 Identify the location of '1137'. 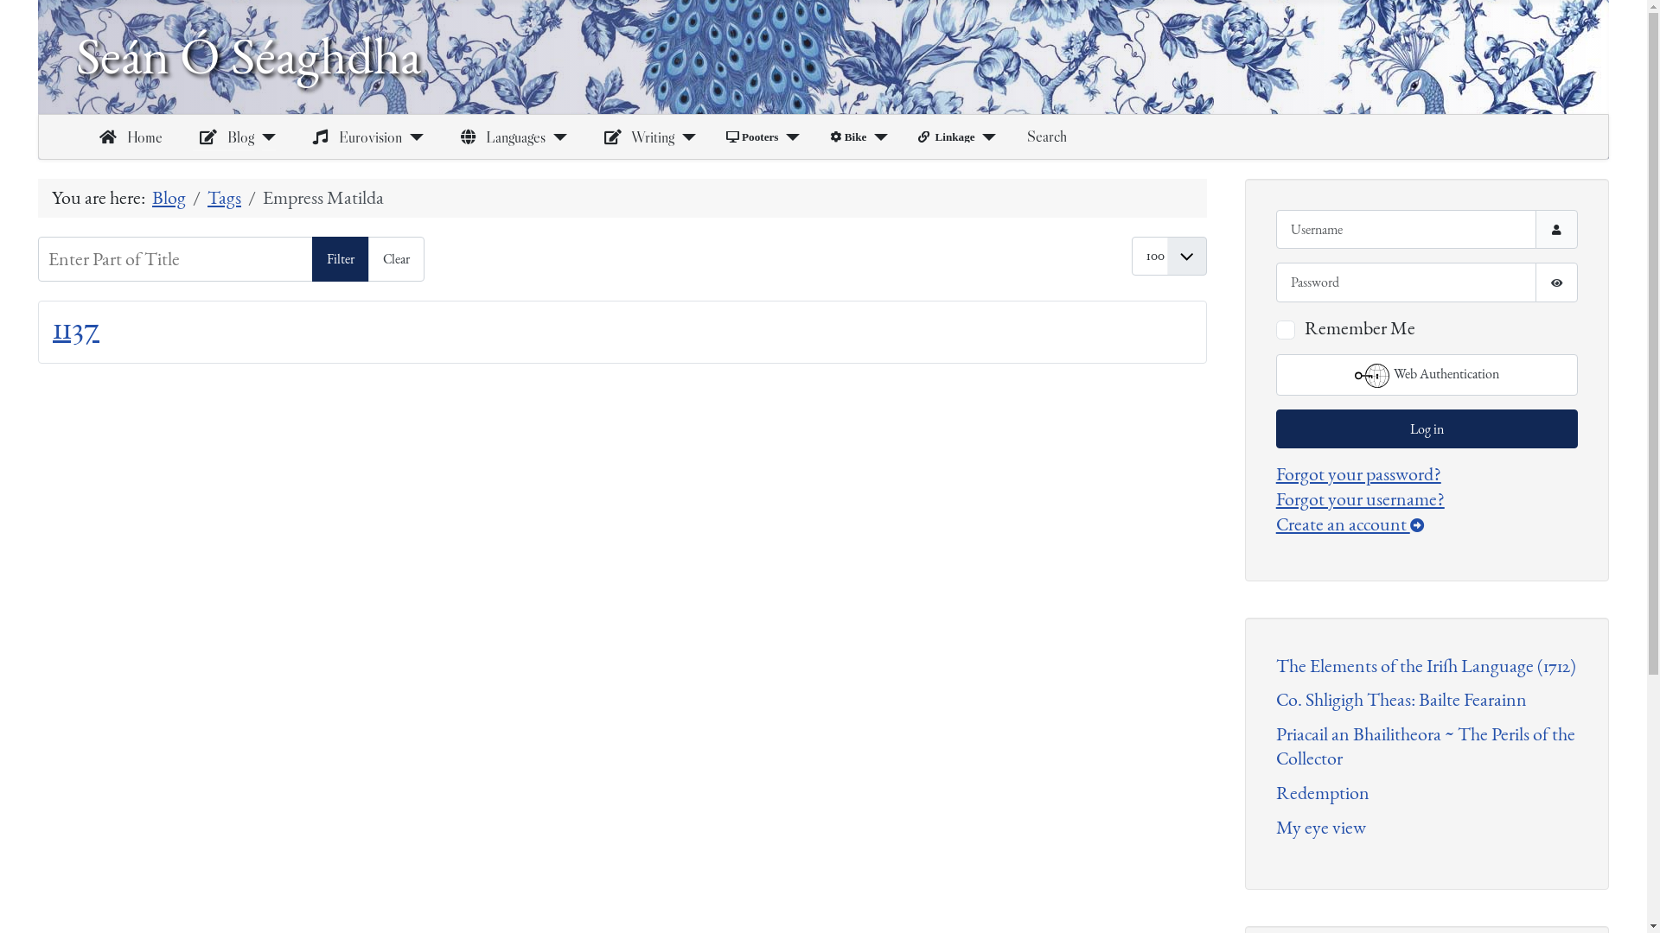
(74, 327).